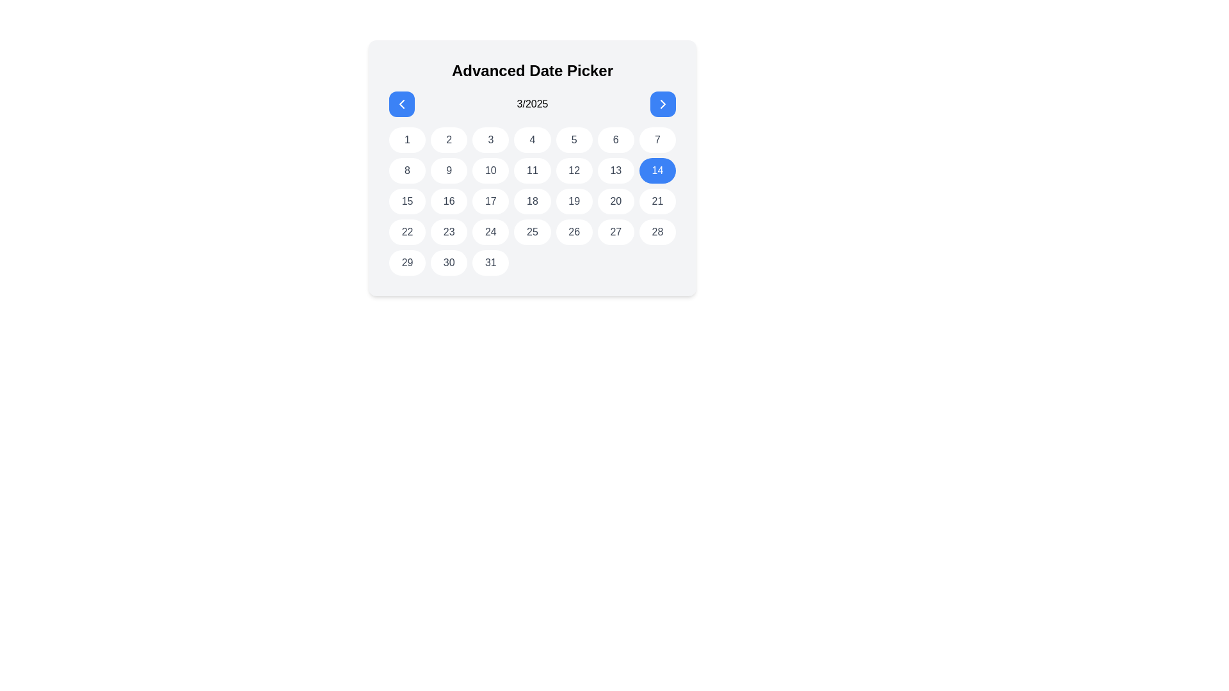 The width and height of the screenshot is (1229, 691). I want to click on the circular button labeled '31' with a white background and gray font, located in the bottom row of a 7-column grid under the 'Advanced Date Picker', so click(490, 262).